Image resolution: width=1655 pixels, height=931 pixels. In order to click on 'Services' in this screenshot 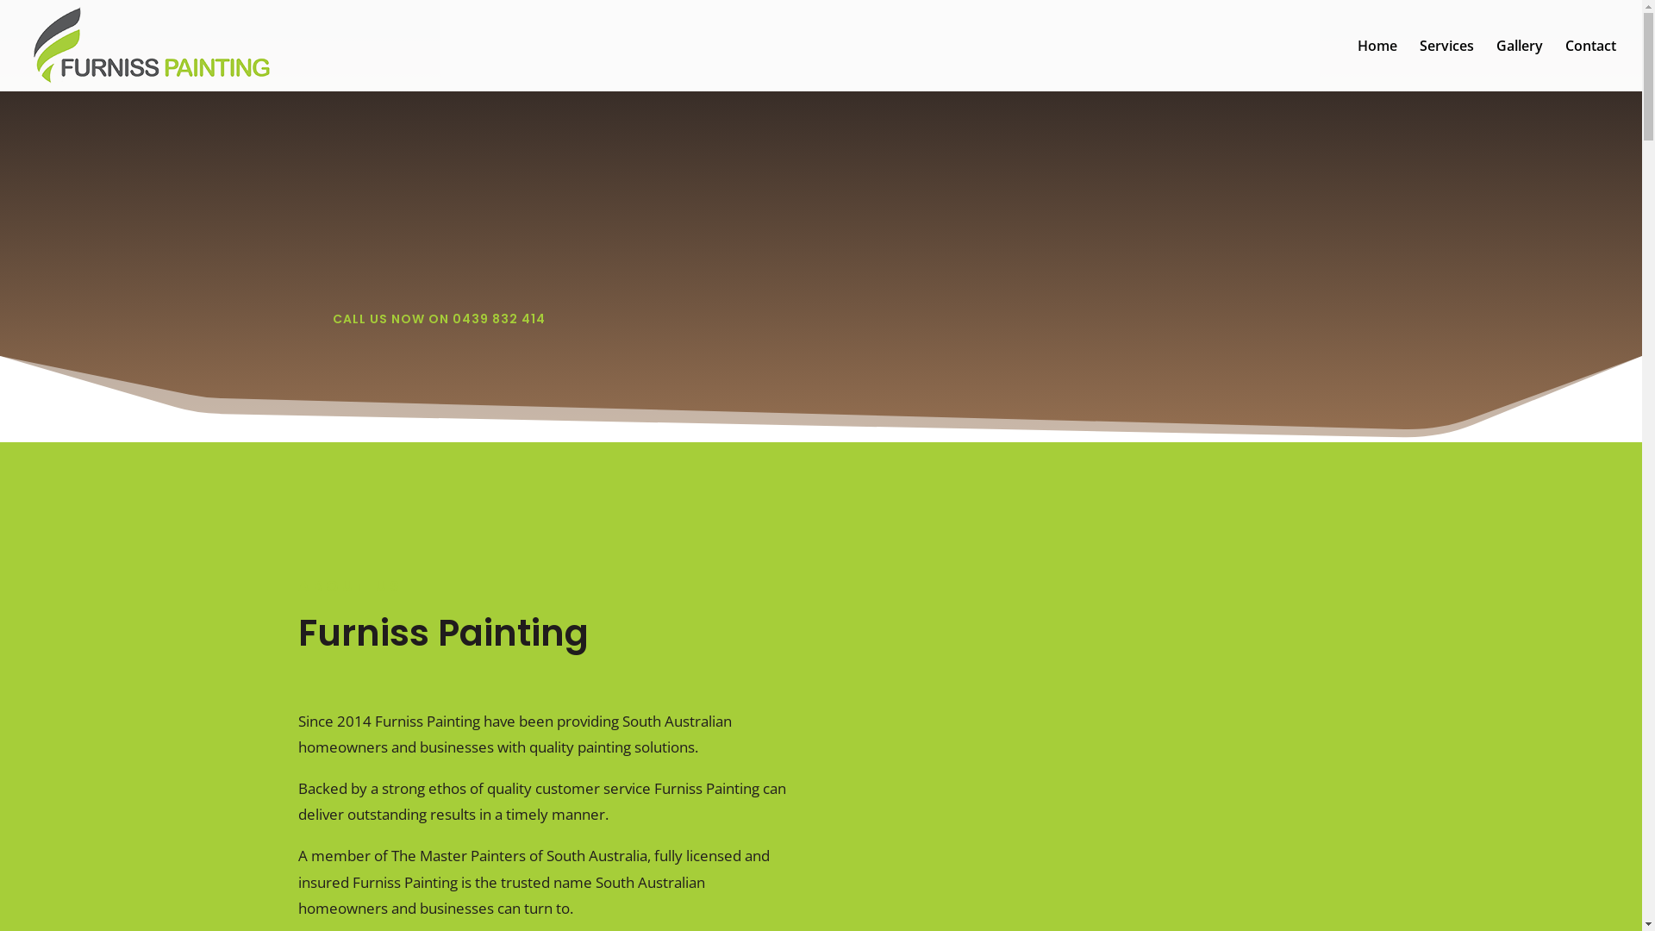, I will do `click(1446, 65)`.